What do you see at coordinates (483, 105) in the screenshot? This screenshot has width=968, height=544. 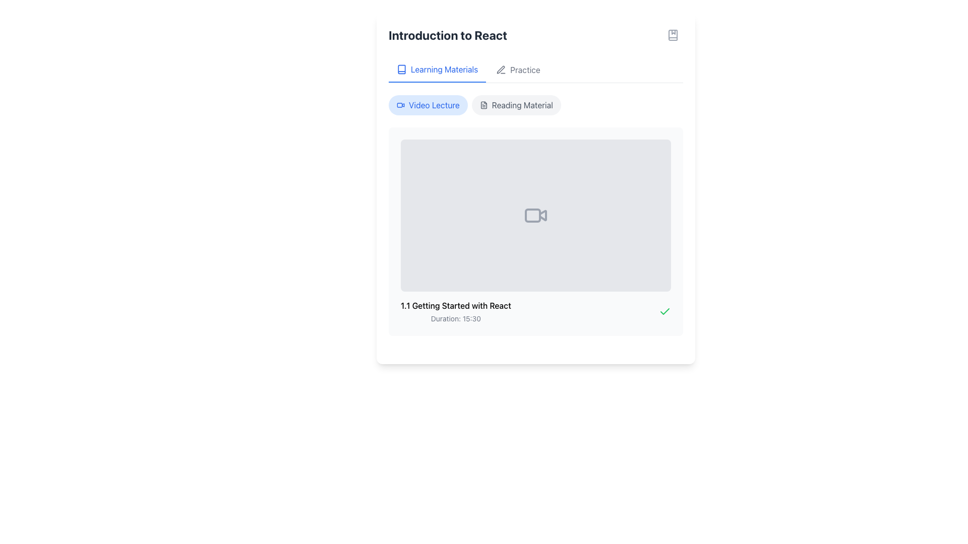 I see `the document icon located within the 'Reading Material' button, positioned towards the left side of the button component` at bounding box center [483, 105].